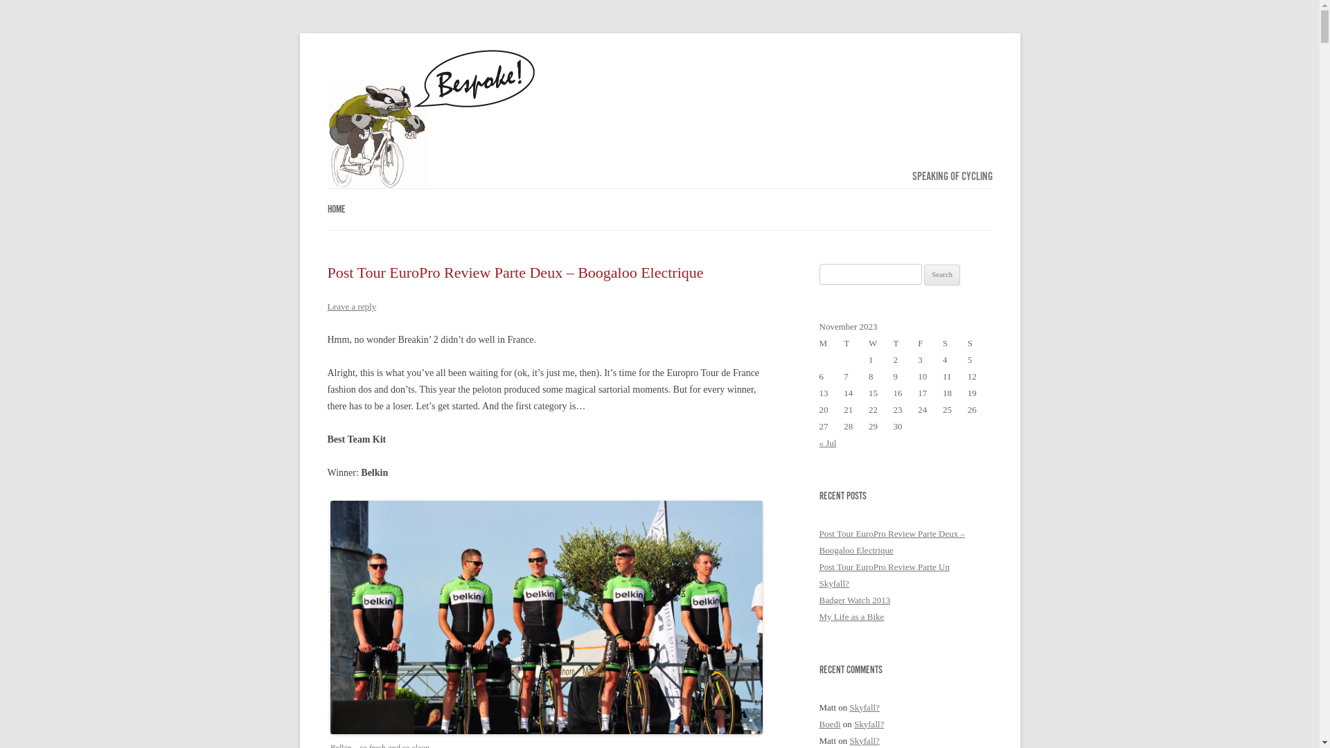  I want to click on 'HOME', so click(335, 209).